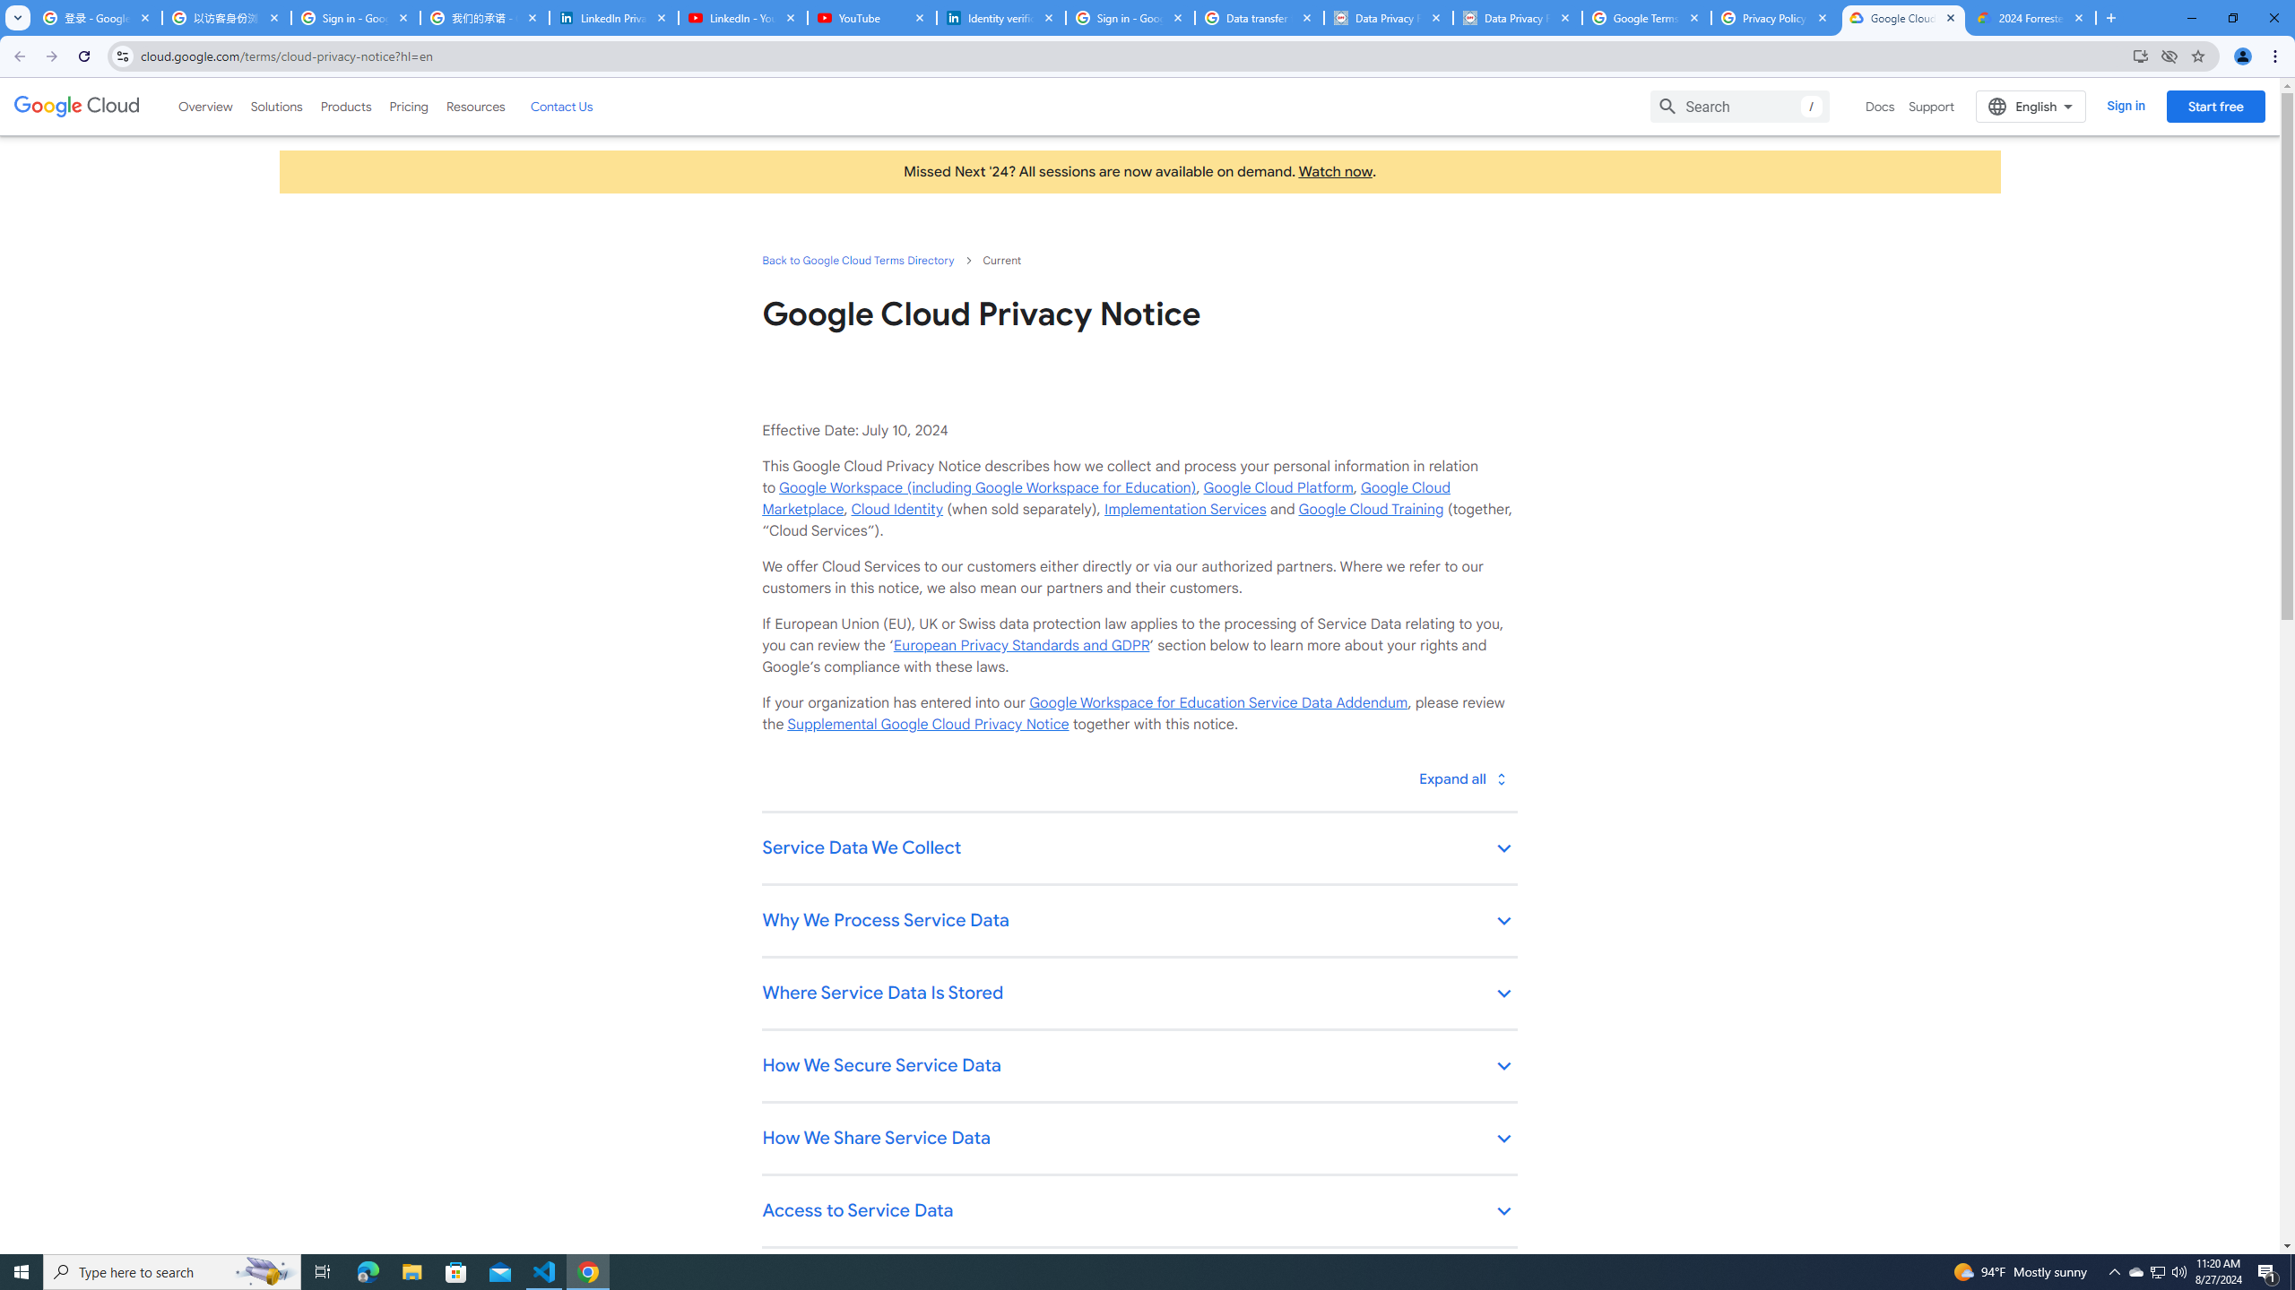 The image size is (2295, 1290). Describe the element at coordinates (121, 55) in the screenshot. I see `'View site information'` at that location.